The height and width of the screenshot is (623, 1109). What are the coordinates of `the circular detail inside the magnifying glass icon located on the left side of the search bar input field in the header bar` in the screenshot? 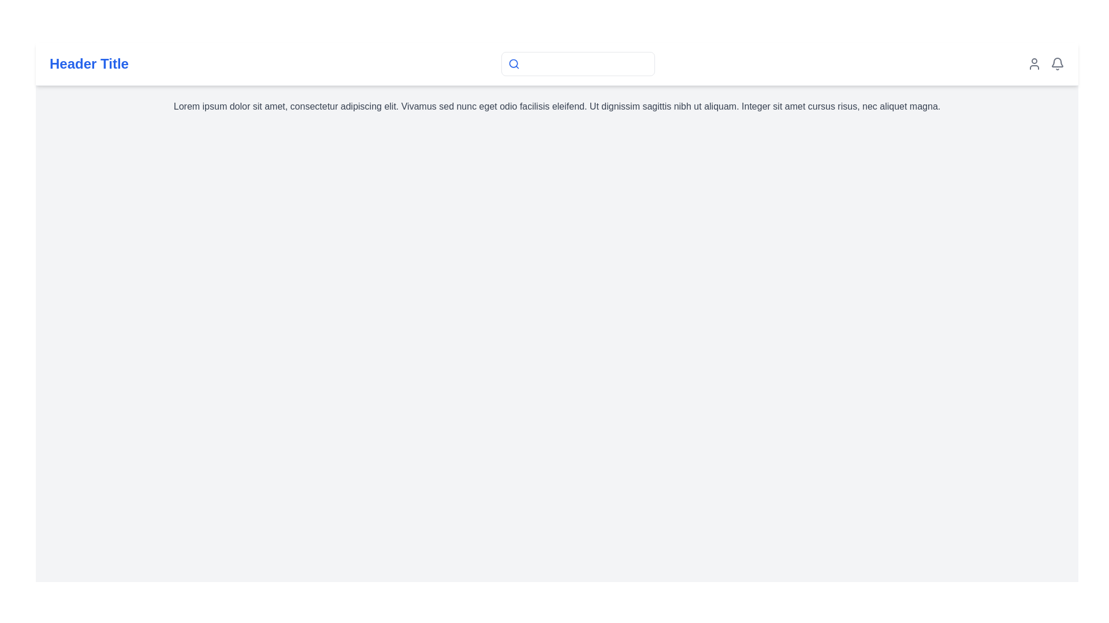 It's located at (513, 63).